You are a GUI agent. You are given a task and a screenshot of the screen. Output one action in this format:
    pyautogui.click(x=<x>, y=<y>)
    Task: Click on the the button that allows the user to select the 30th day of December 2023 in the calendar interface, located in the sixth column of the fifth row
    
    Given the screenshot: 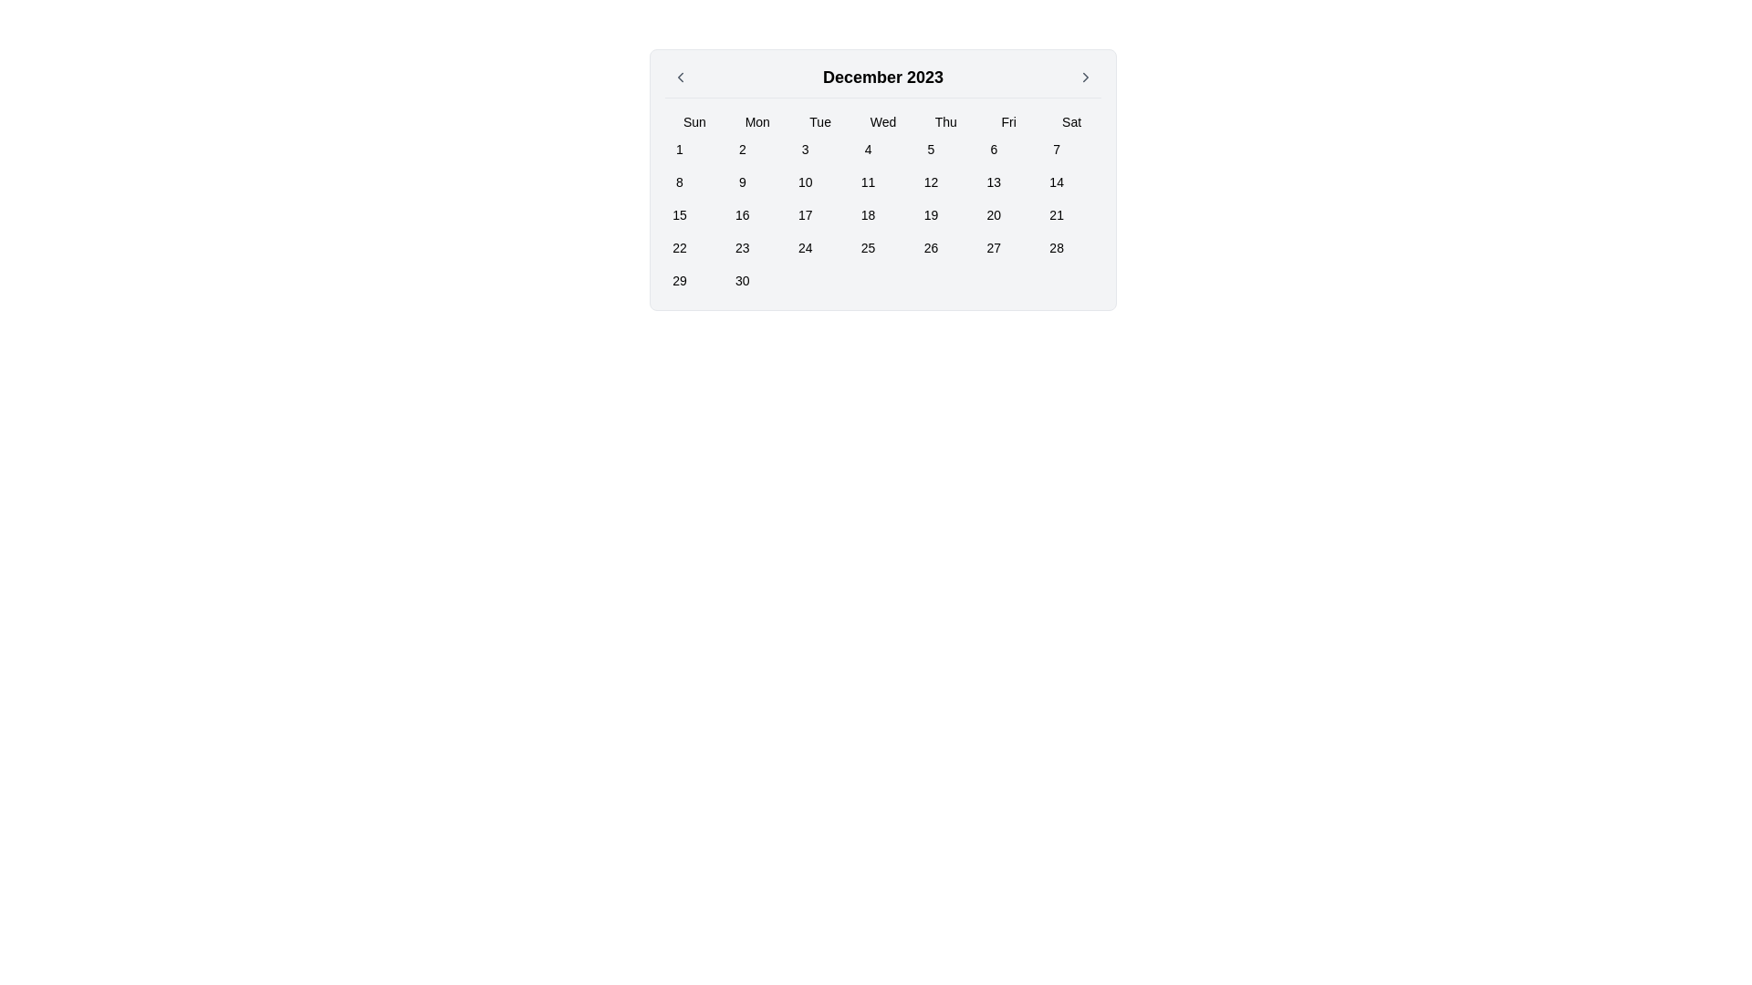 What is the action you would take?
    pyautogui.click(x=742, y=281)
    